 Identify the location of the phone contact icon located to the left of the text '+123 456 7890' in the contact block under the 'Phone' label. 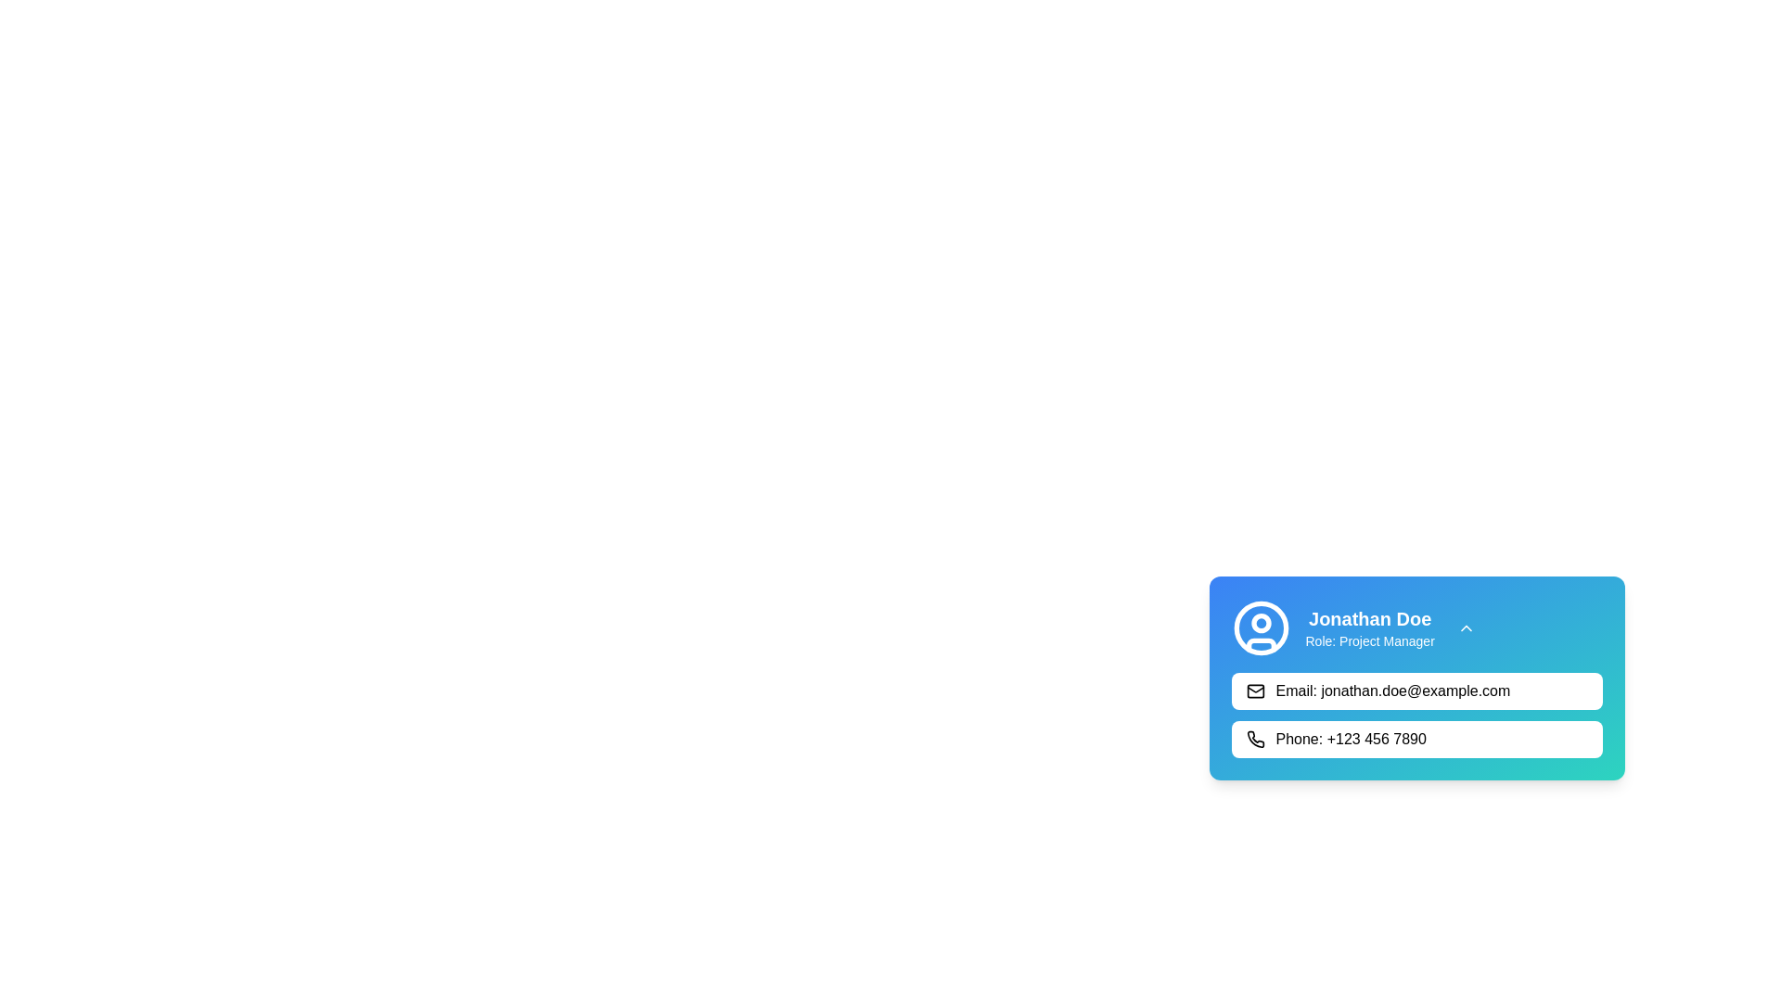
(1255, 739).